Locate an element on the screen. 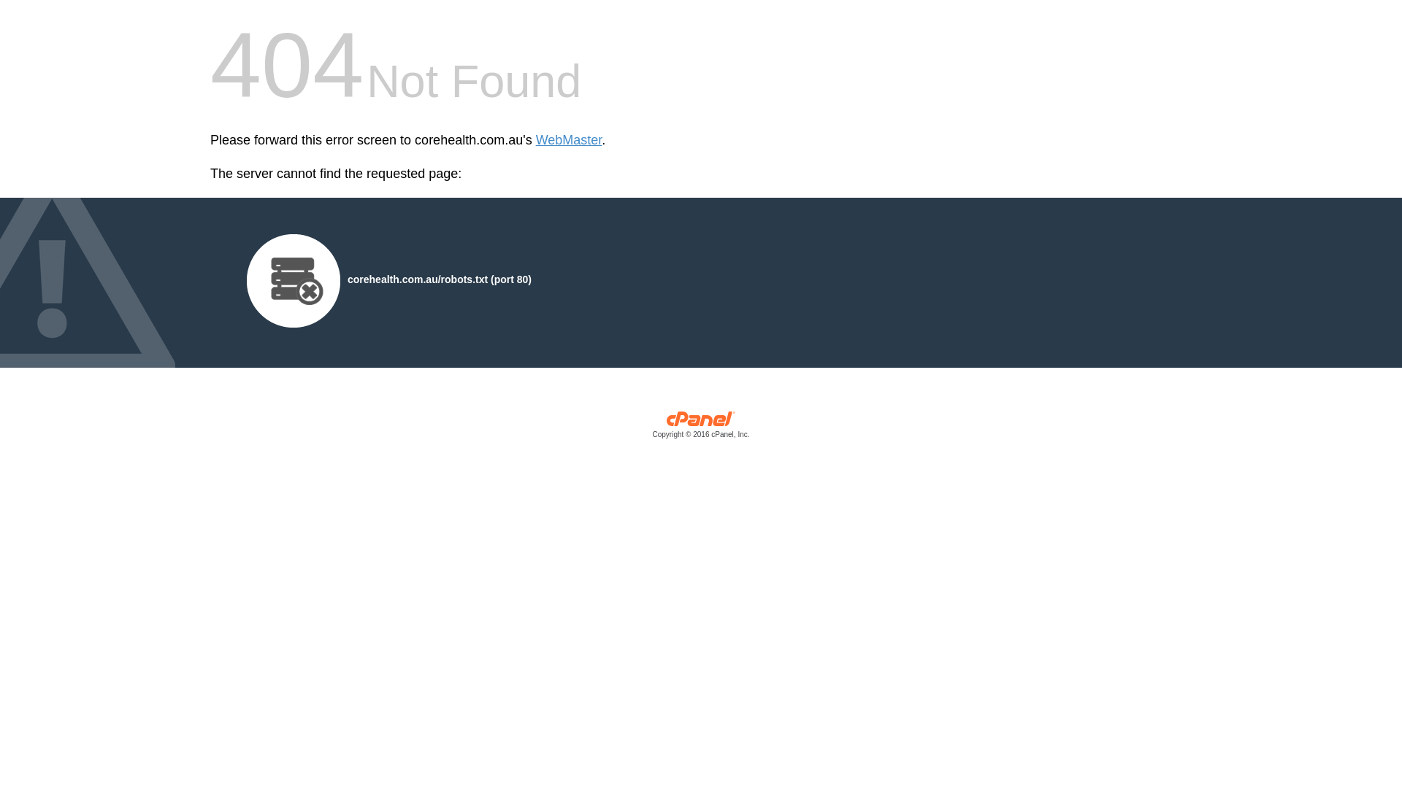 This screenshot has width=1402, height=788. 'WebMaster' is located at coordinates (568, 140).